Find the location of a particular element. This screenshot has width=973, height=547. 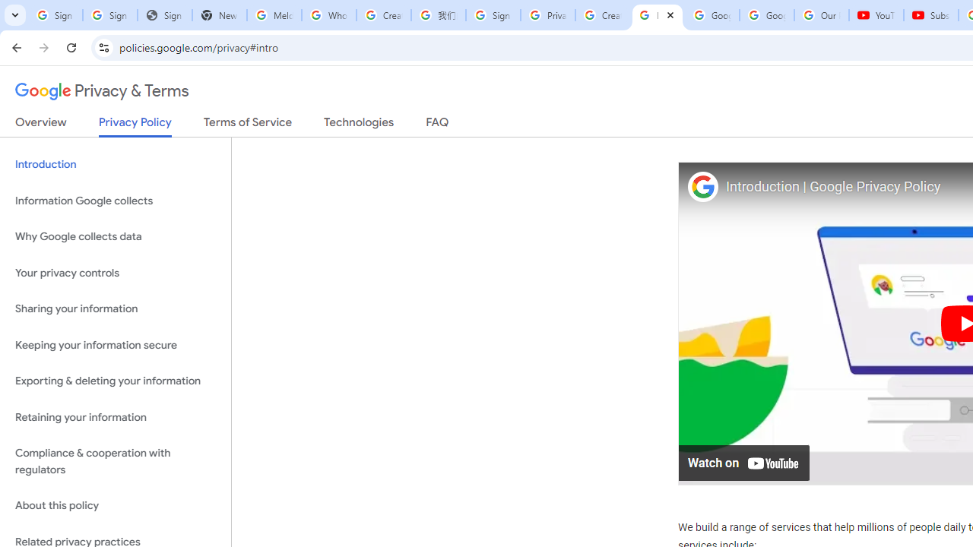

'Information Google collects' is located at coordinates (115, 200).